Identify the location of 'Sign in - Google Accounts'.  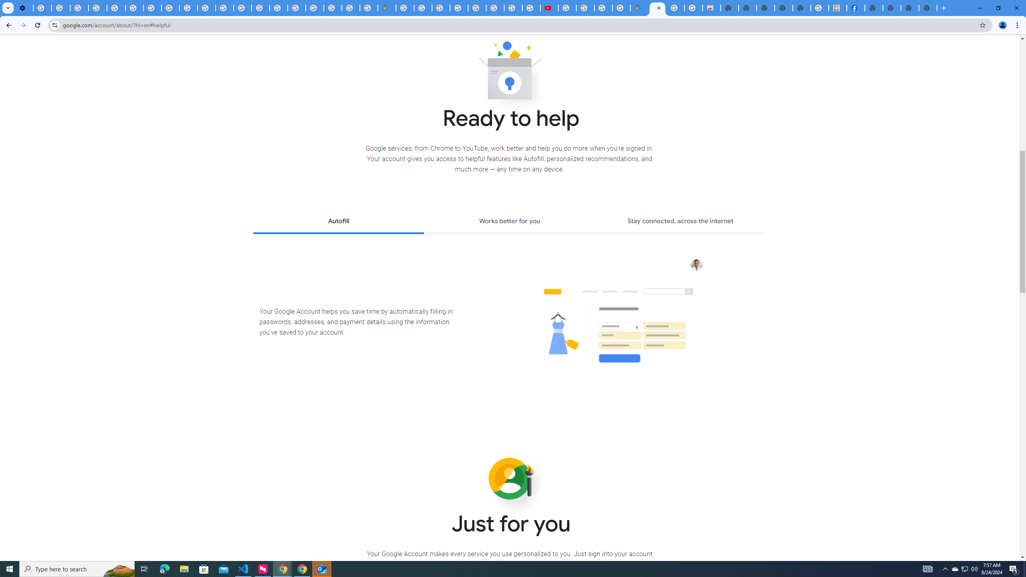
(404, 8).